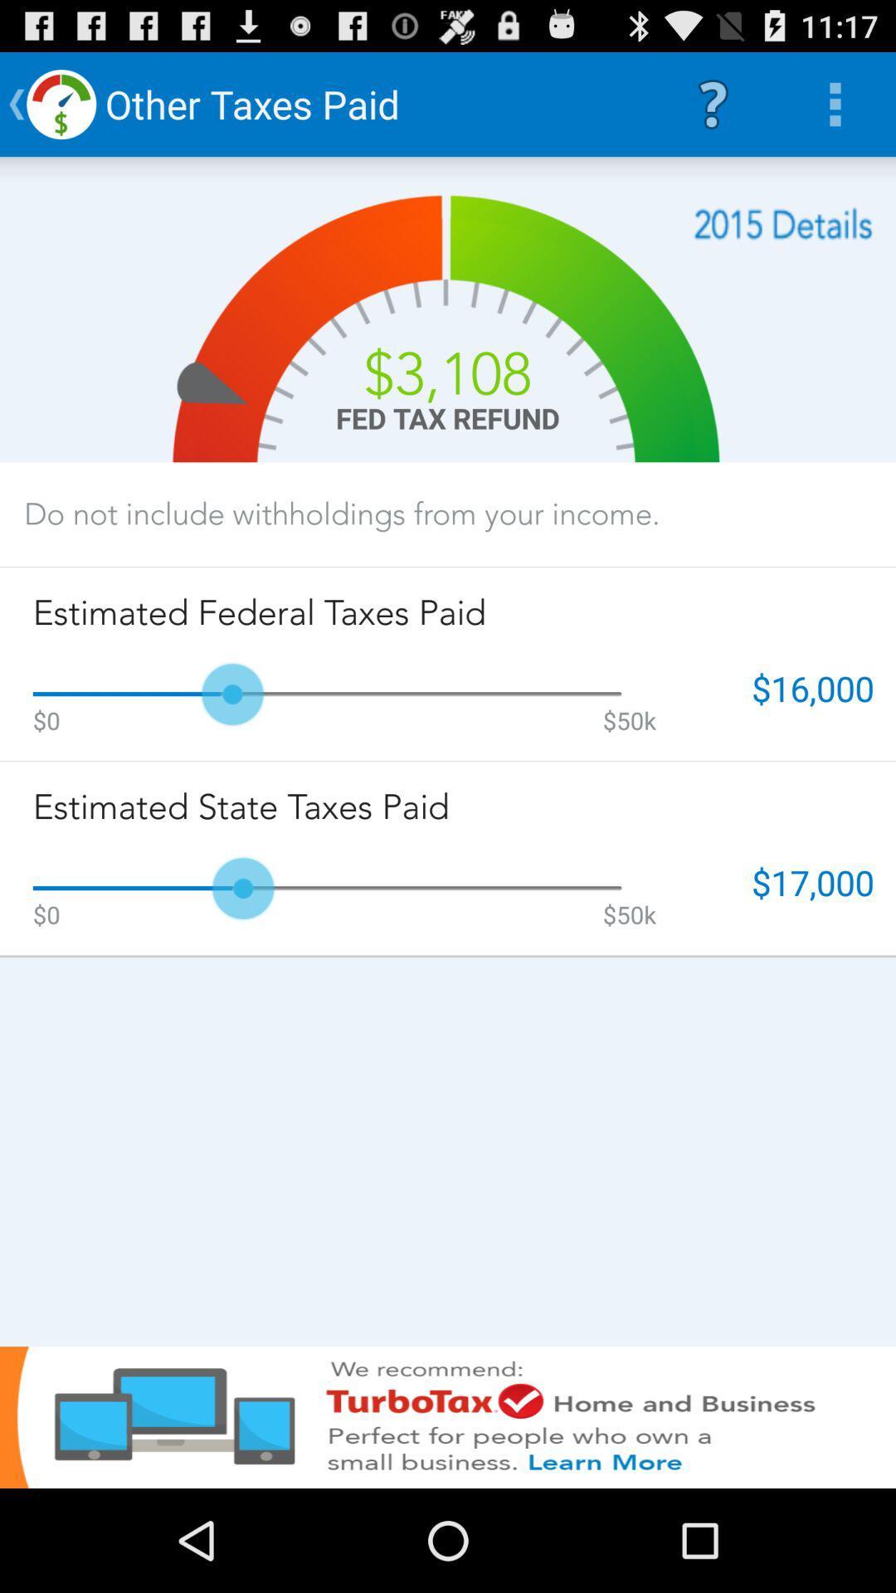  Describe the element at coordinates (712, 103) in the screenshot. I see `the icon to the right of the other taxes paid item` at that location.